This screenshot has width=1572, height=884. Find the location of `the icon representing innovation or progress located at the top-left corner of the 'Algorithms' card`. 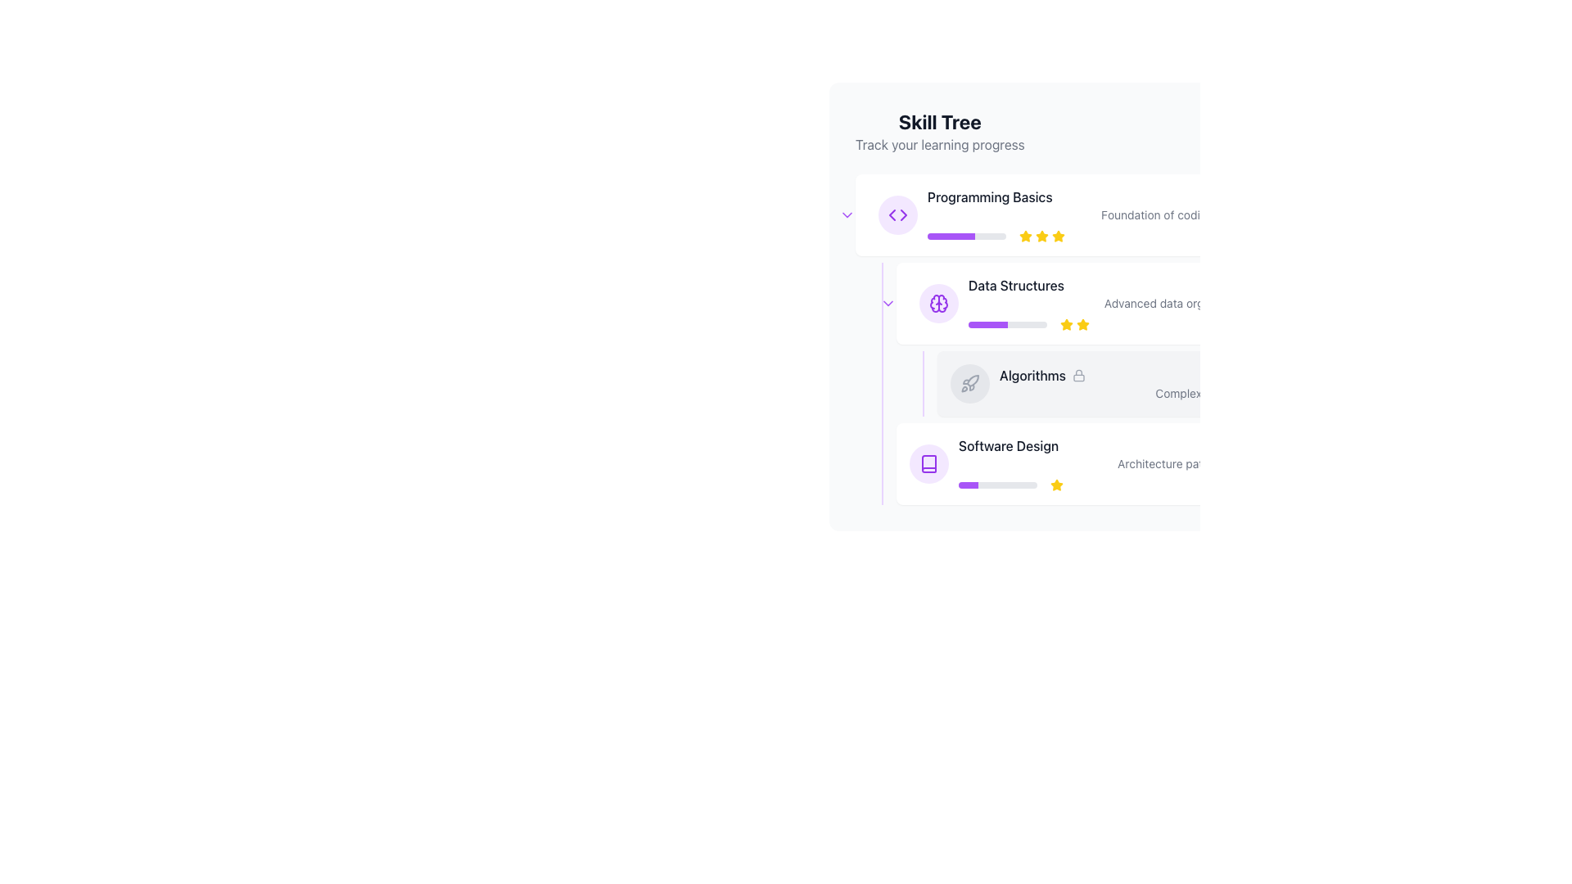

the icon representing innovation or progress located at the top-left corner of the 'Algorithms' card is located at coordinates (970, 384).